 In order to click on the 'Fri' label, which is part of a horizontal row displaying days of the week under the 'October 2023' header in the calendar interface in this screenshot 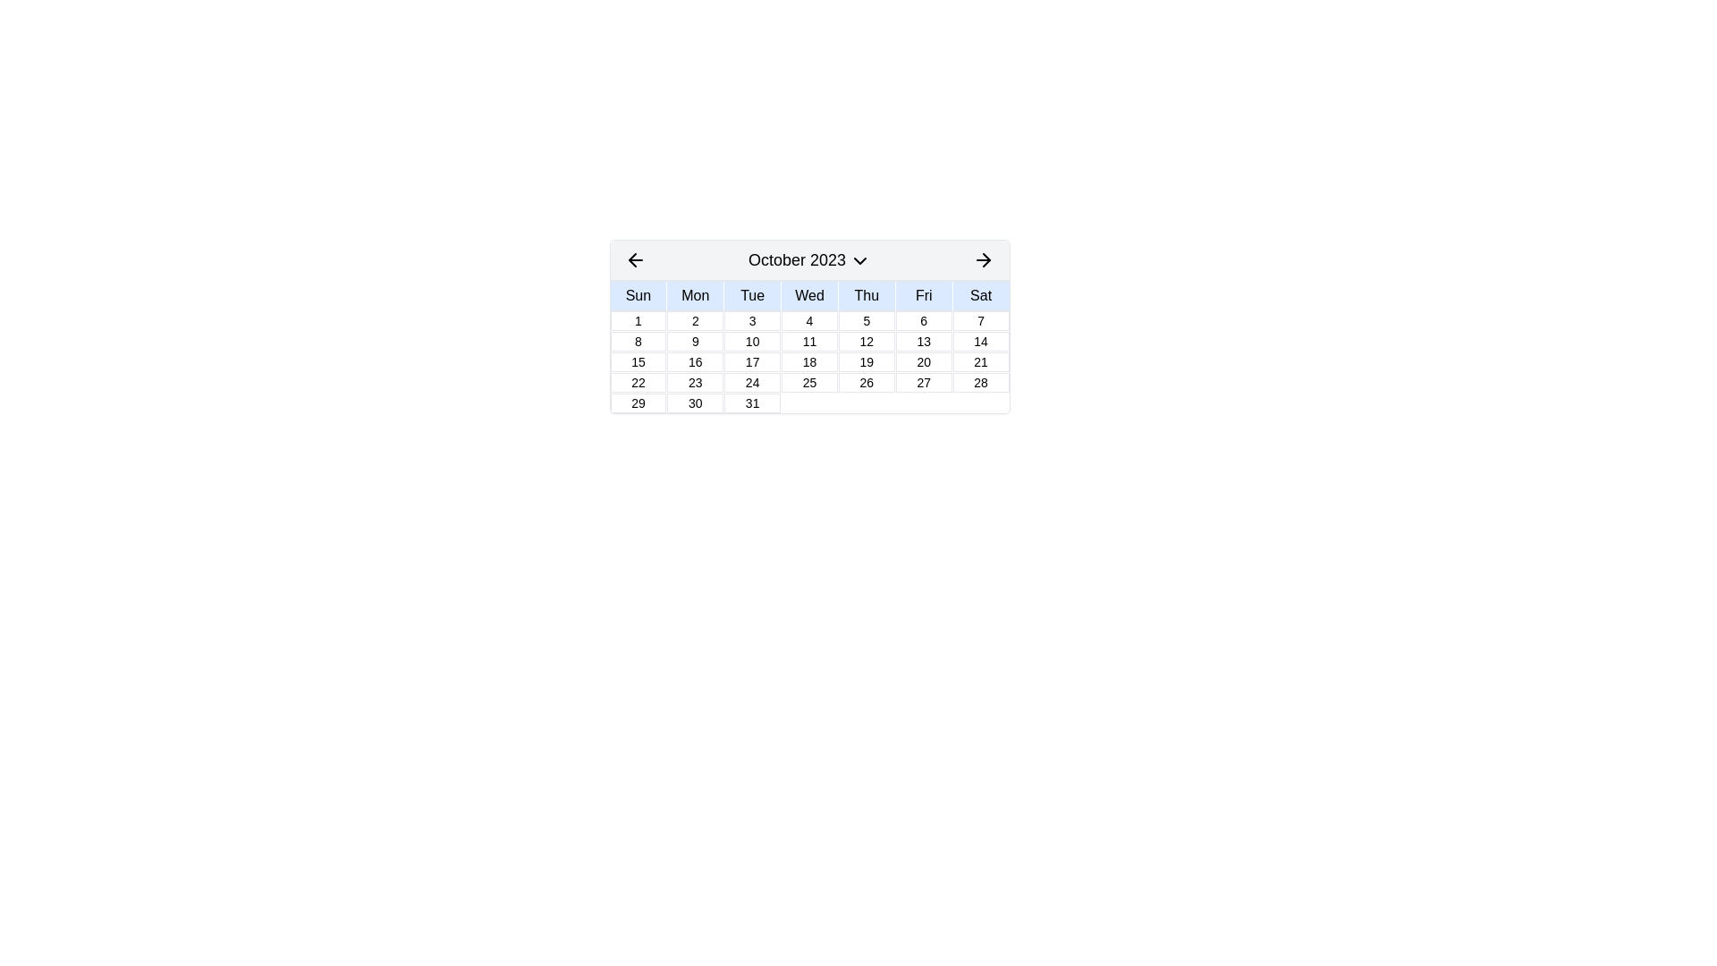, I will do `click(924, 295)`.